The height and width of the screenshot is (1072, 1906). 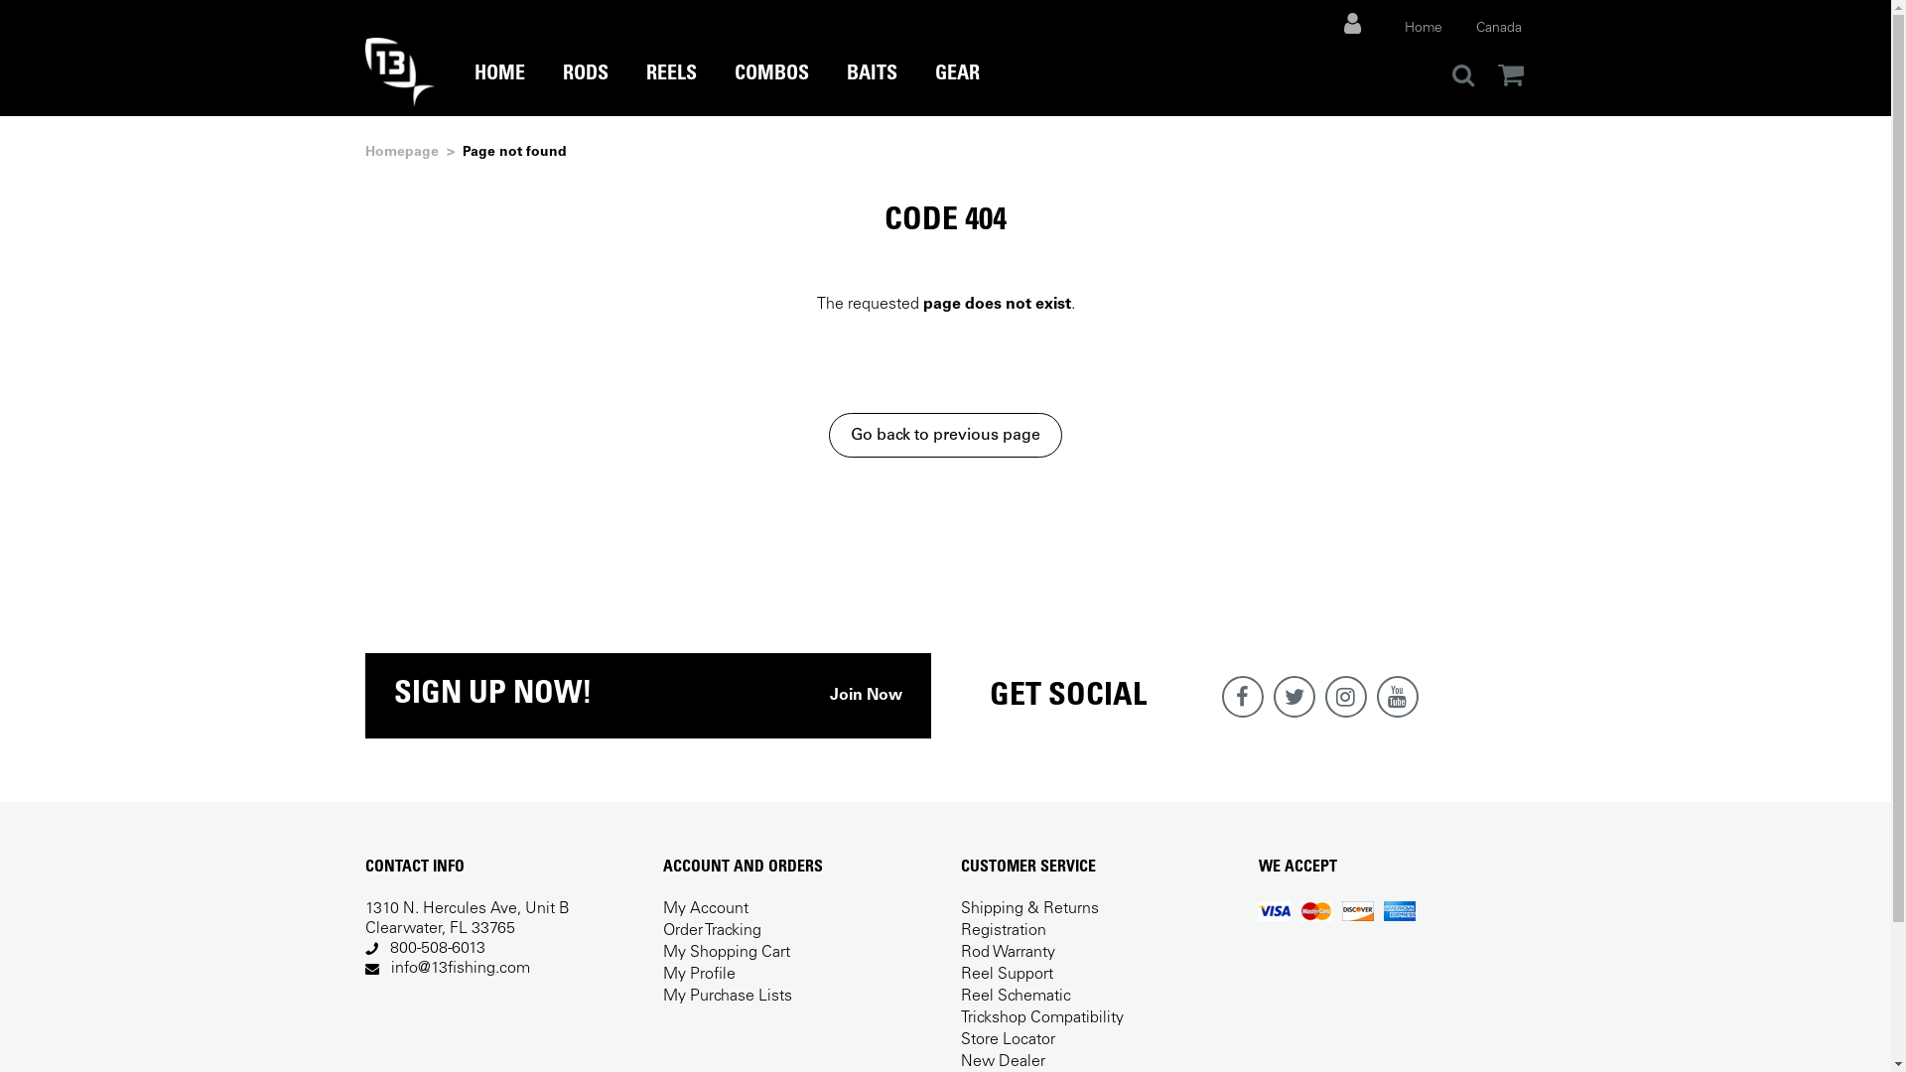 I want to click on 'Payment Methods Accepted', so click(x=1337, y=911).